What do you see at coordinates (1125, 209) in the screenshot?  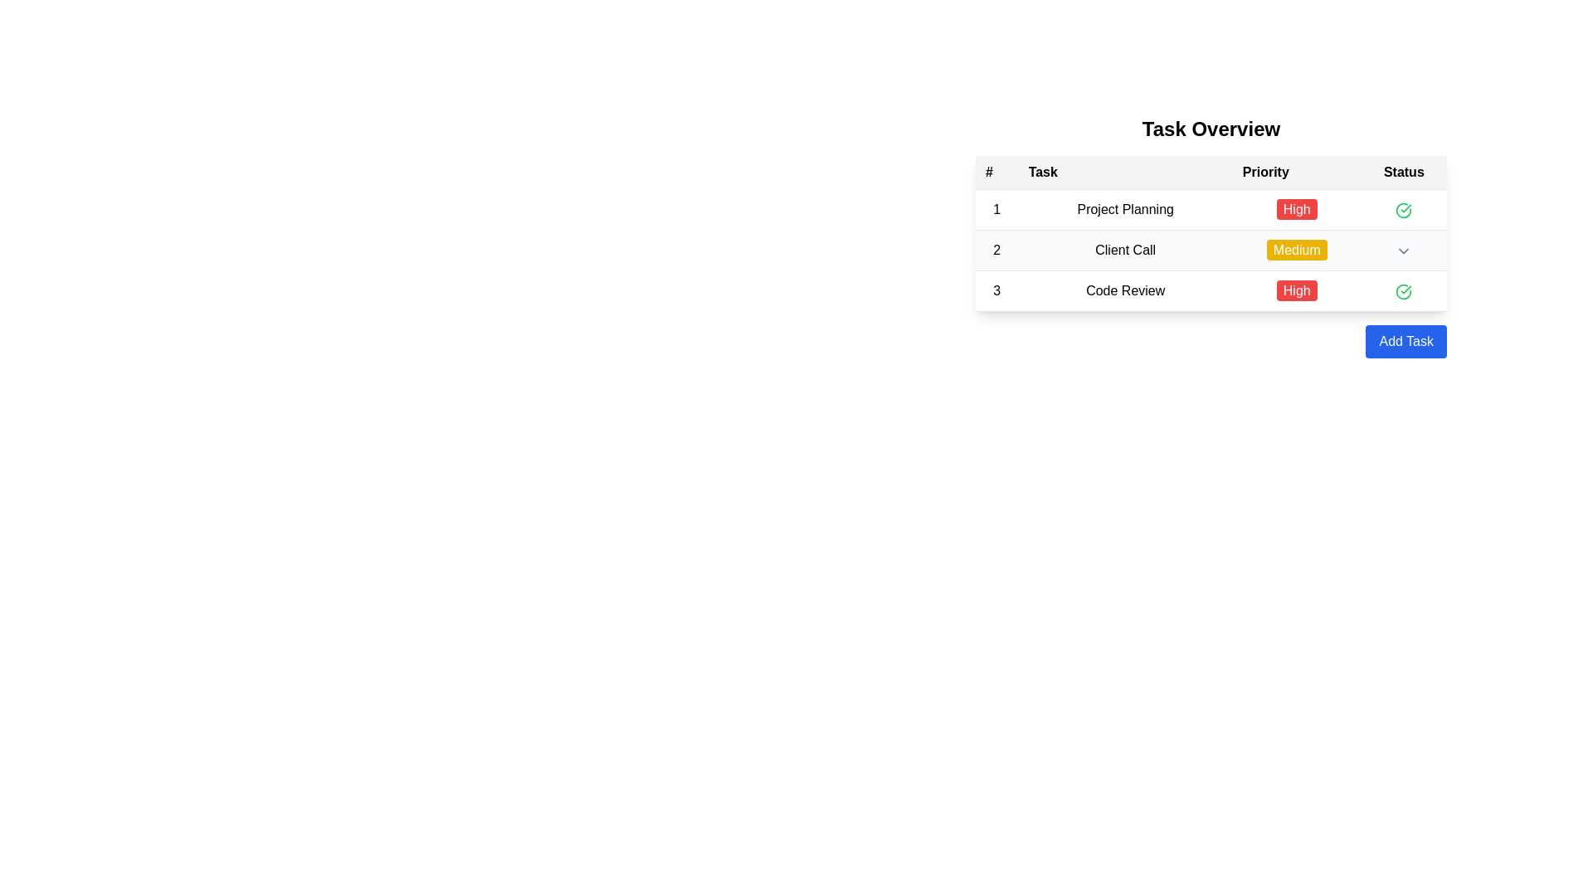 I see `the 'Project Planning' text label and its adjacent elements in the task list table, which includes the priority and status icon` at bounding box center [1125, 209].